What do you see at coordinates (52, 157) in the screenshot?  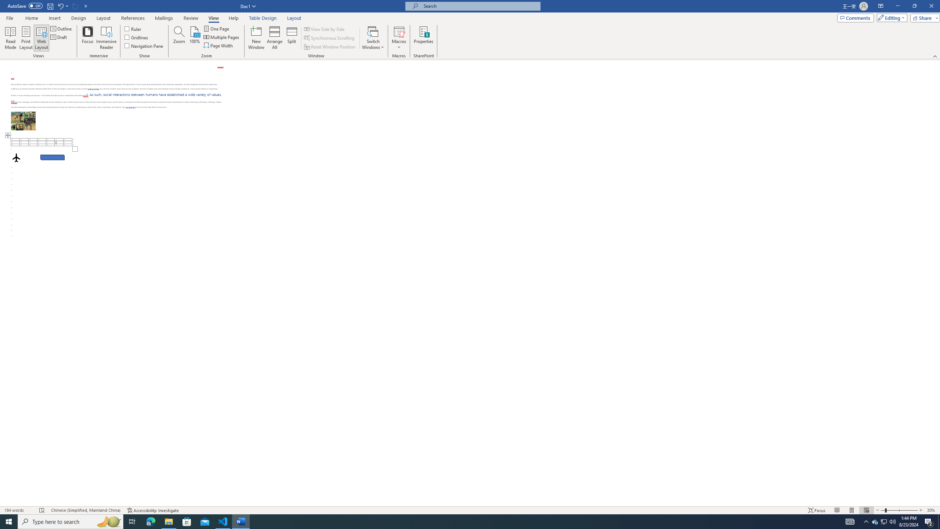 I see `'Rectangle: Diagonal Corners Snipped 2'` at bounding box center [52, 157].